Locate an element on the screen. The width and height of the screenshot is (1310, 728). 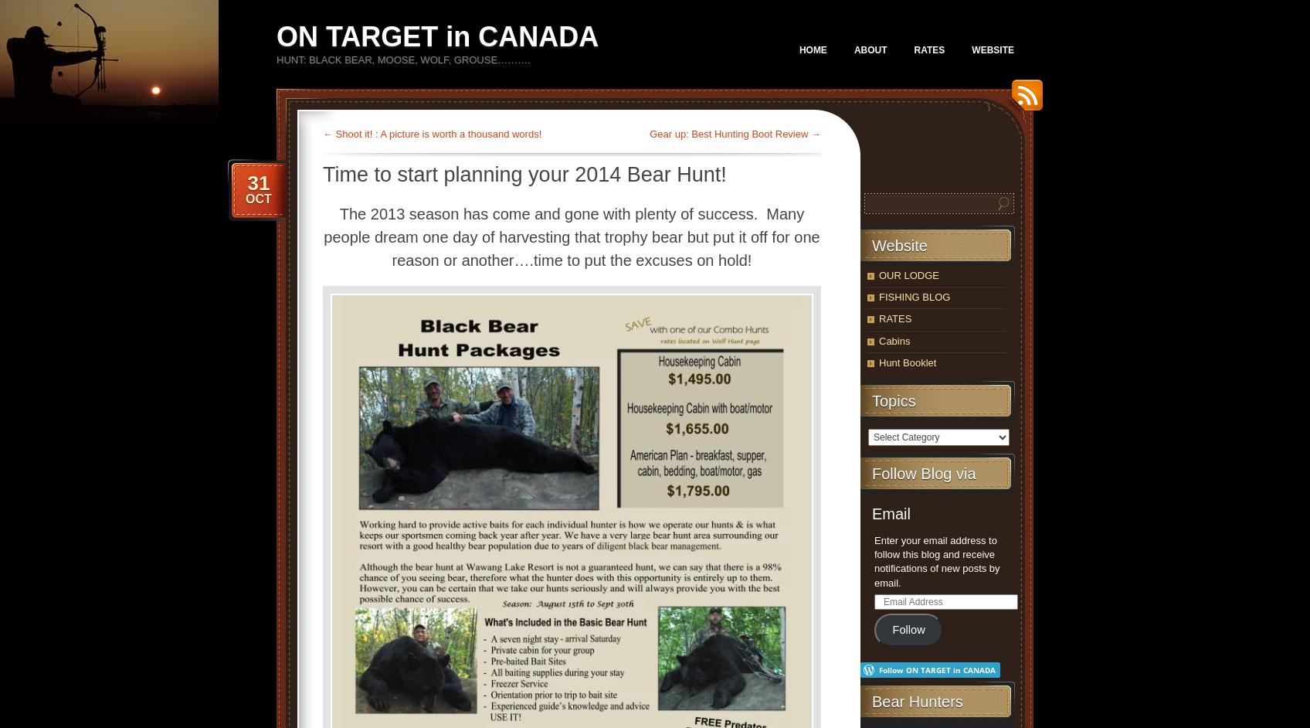
'Follow Blog via Email' is located at coordinates (871, 492).